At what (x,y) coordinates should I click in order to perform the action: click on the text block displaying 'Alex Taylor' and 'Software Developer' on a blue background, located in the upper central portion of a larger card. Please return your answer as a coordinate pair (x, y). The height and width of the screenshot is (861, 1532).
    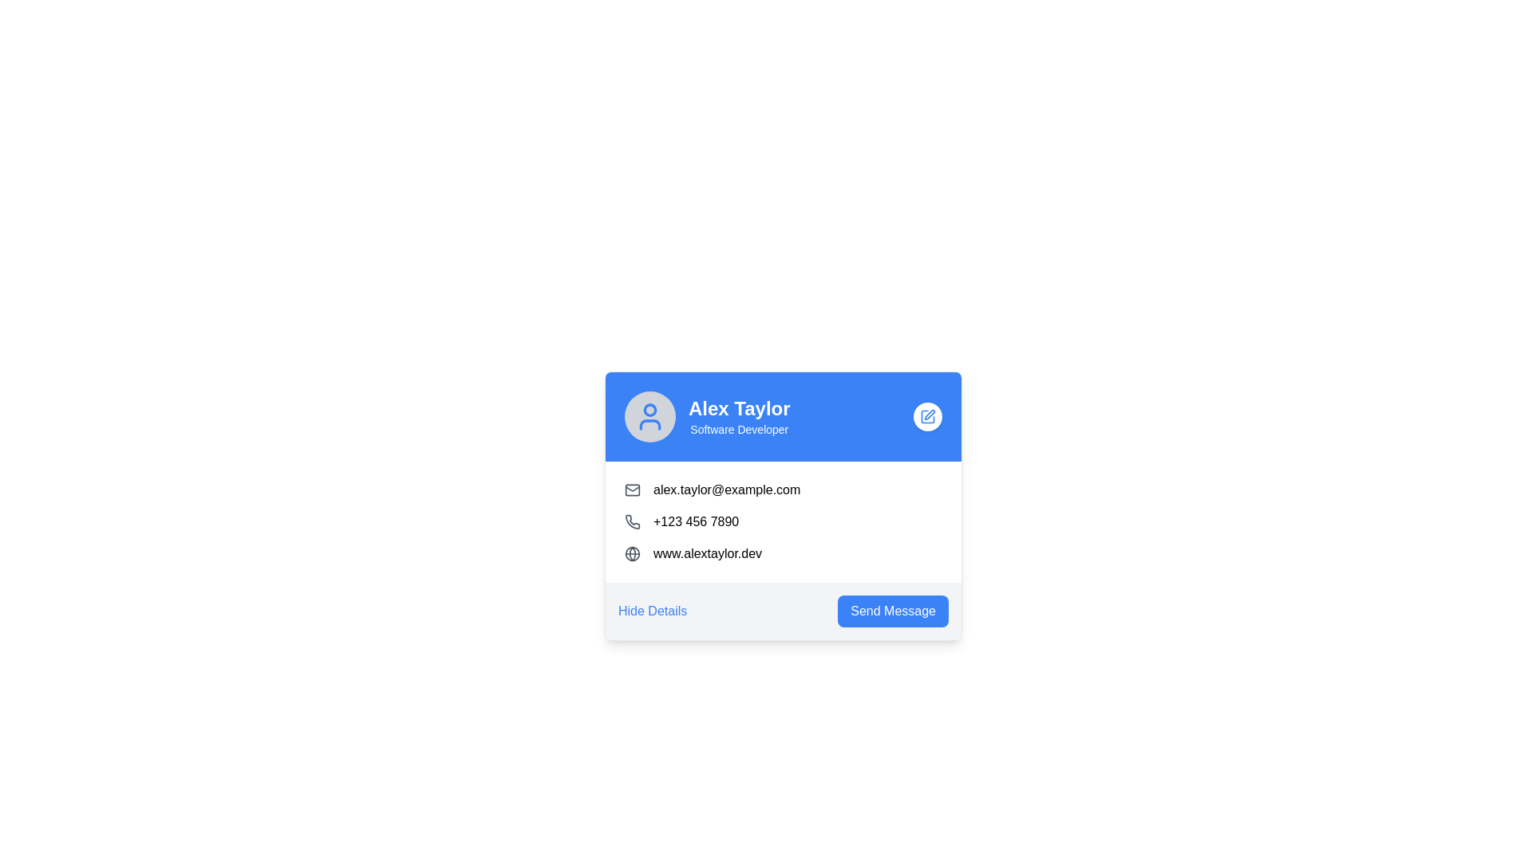
    Looking at the image, I should click on (738, 416).